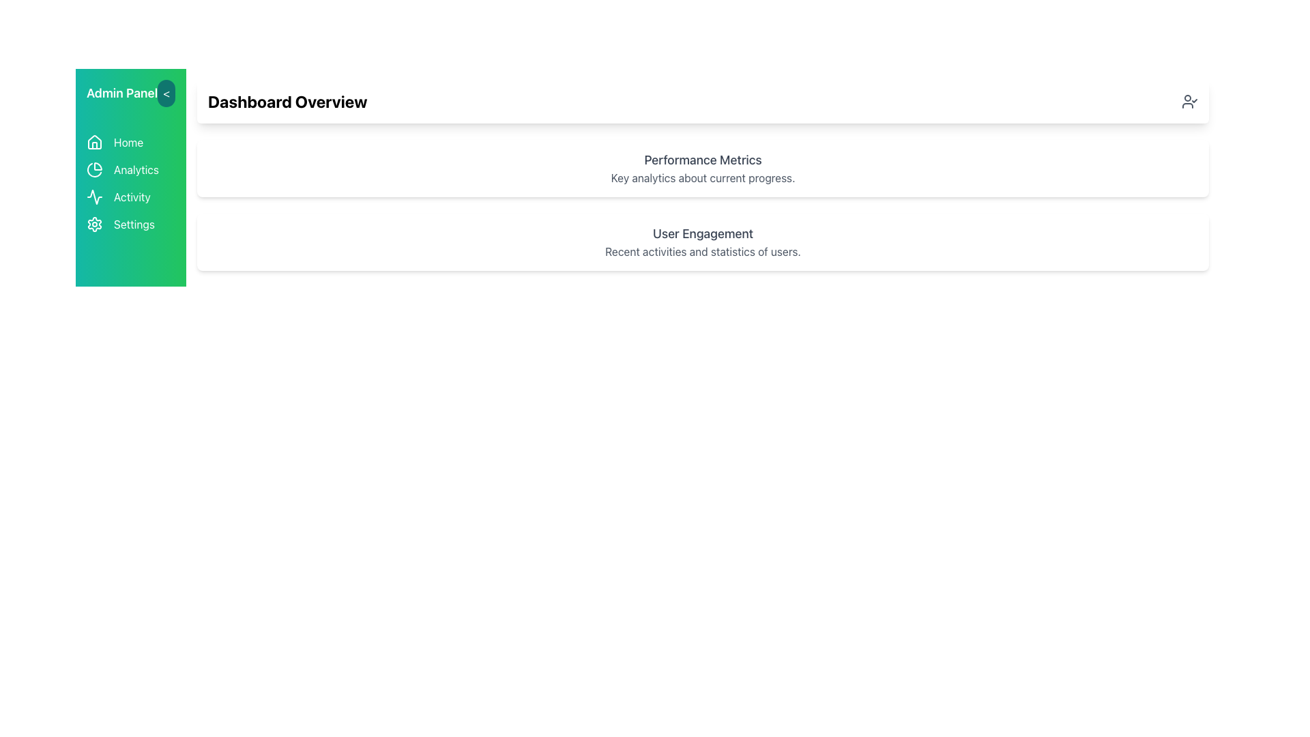 This screenshot has width=1310, height=737. Describe the element at coordinates (131, 93) in the screenshot. I see `the 'Admin Panel' sidebar header` at that location.